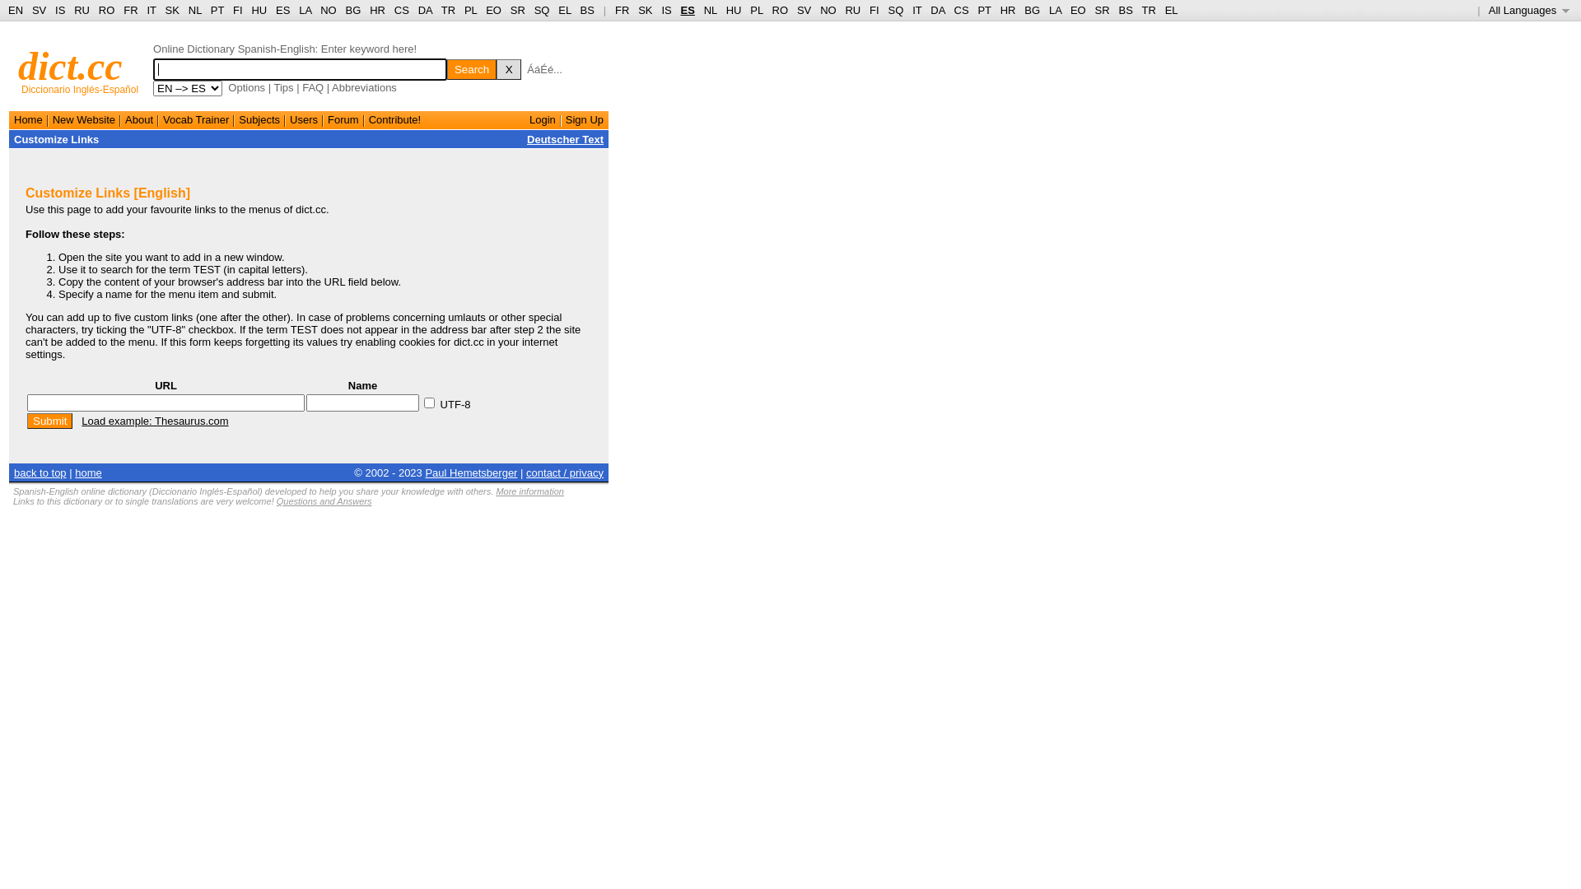  I want to click on 'Subjects', so click(259, 119).